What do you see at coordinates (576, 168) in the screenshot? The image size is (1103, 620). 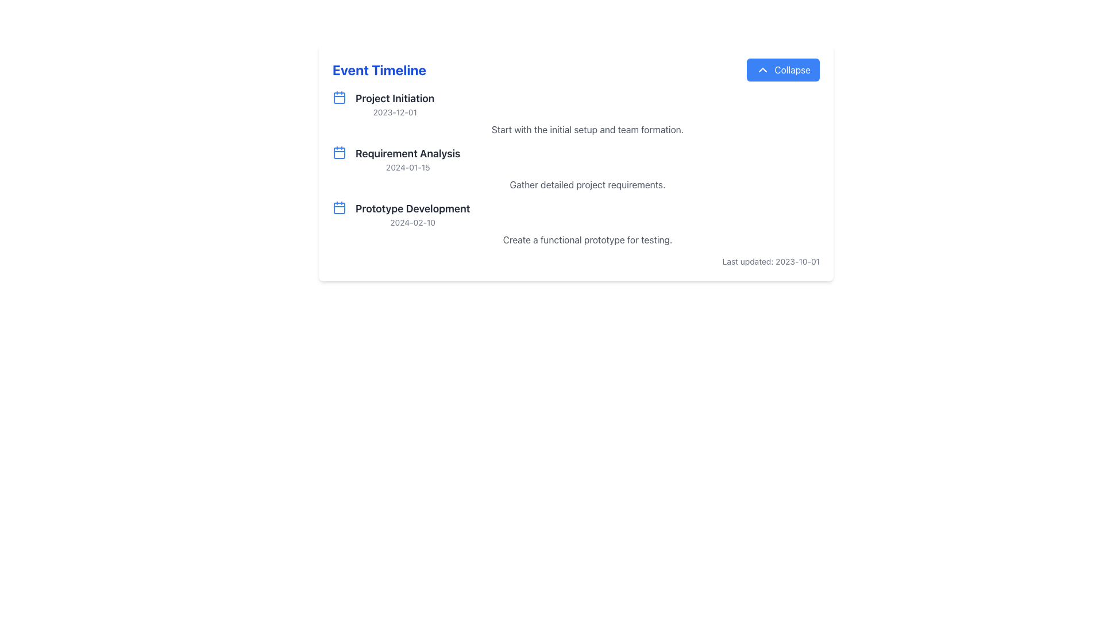 I see `the information displayed in the project steps list` at bounding box center [576, 168].